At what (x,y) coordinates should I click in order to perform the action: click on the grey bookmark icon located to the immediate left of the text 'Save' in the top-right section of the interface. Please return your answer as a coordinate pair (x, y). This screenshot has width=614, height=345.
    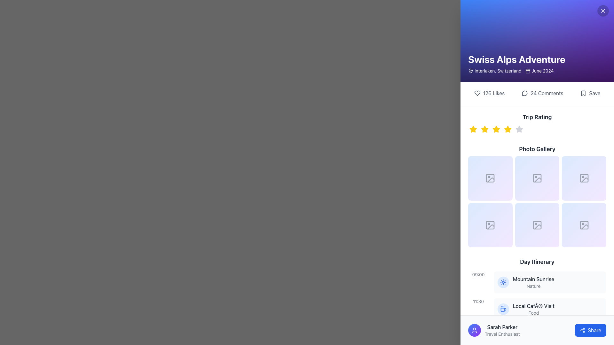
    Looking at the image, I should click on (583, 93).